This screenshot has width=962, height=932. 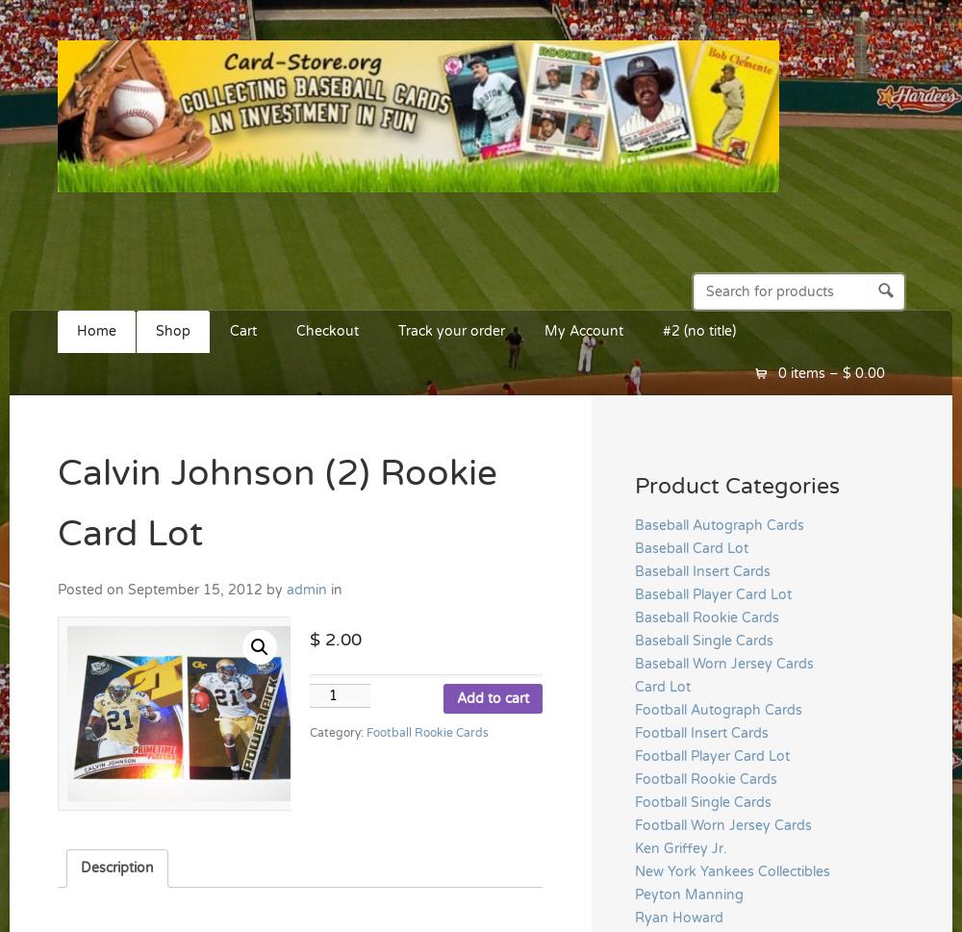 What do you see at coordinates (306, 589) in the screenshot?
I see `'admin'` at bounding box center [306, 589].